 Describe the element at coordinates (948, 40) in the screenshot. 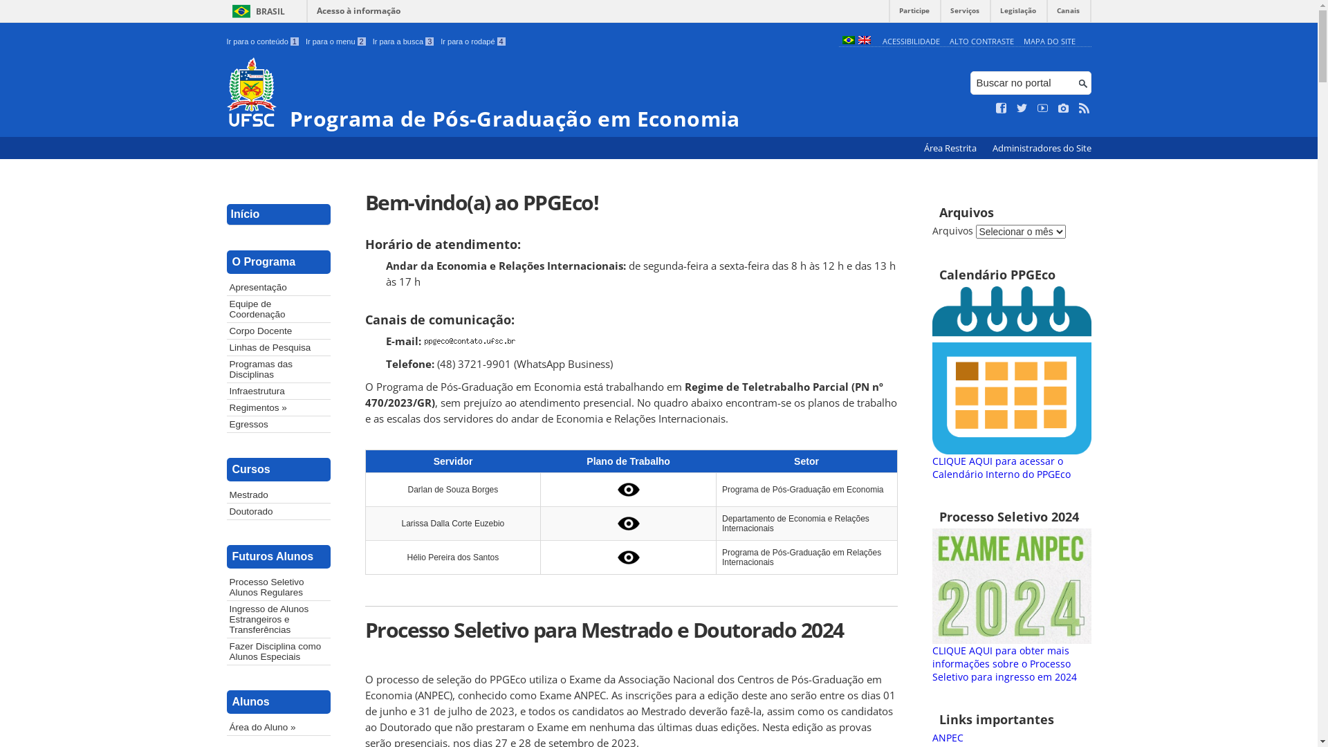

I see `'ALTO CONTRASTE'` at that location.